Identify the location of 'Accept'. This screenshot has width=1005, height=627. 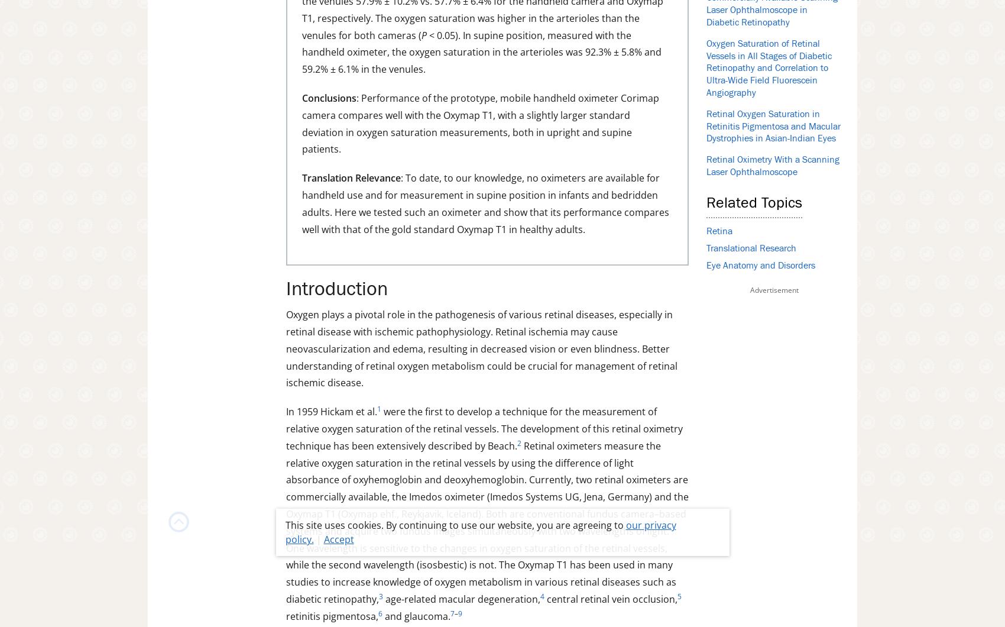
(338, 539).